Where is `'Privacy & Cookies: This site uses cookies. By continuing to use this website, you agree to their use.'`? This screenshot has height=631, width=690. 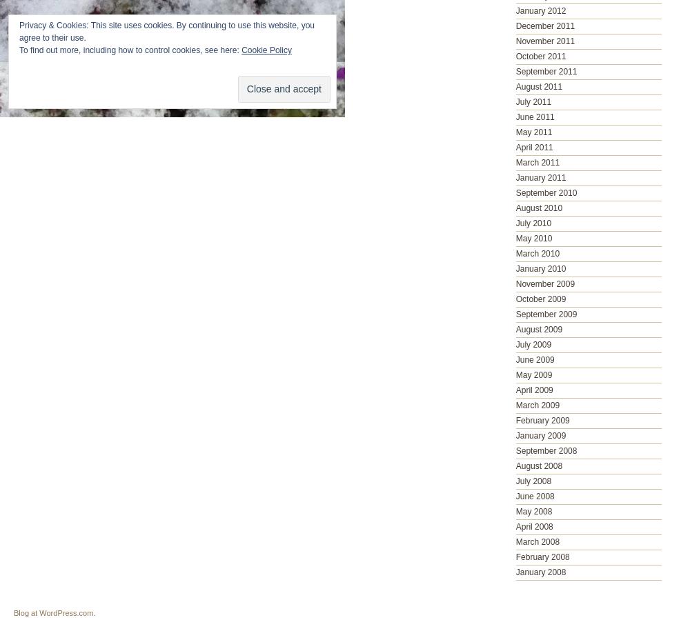
'Privacy & Cookies: This site uses cookies. By continuing to use this website, you agree to their use.' is located at coordinates (166, 32).